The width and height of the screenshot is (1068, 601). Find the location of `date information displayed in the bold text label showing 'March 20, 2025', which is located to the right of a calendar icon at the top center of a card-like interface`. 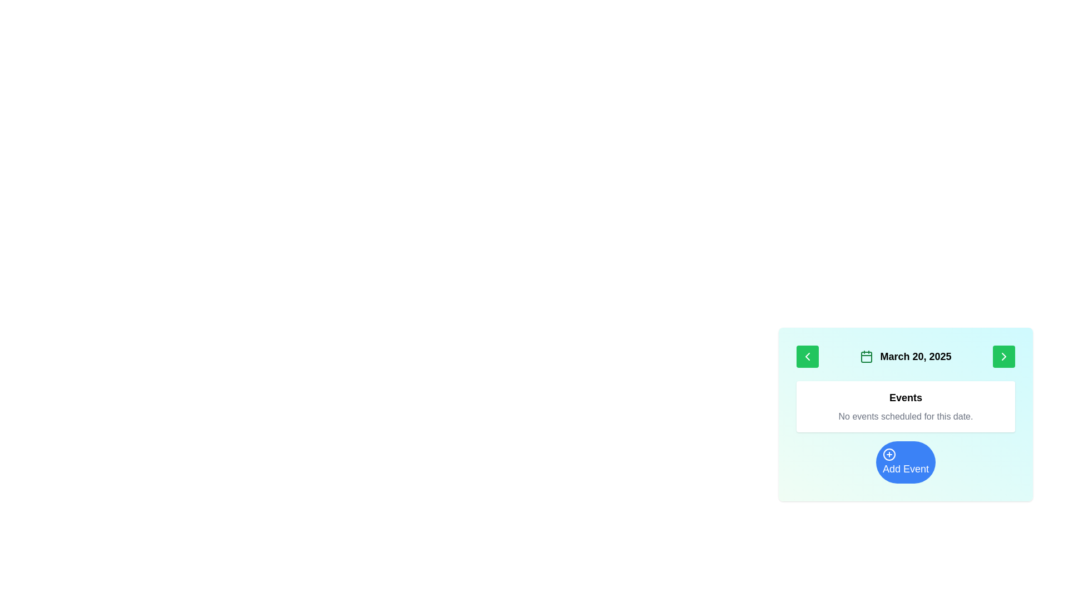

date information displayed in the bold text label showing 'March 20, 2025', which is located to the right of a calendar icon at the top center of a card-like interface is located at coordinates (916, 356).